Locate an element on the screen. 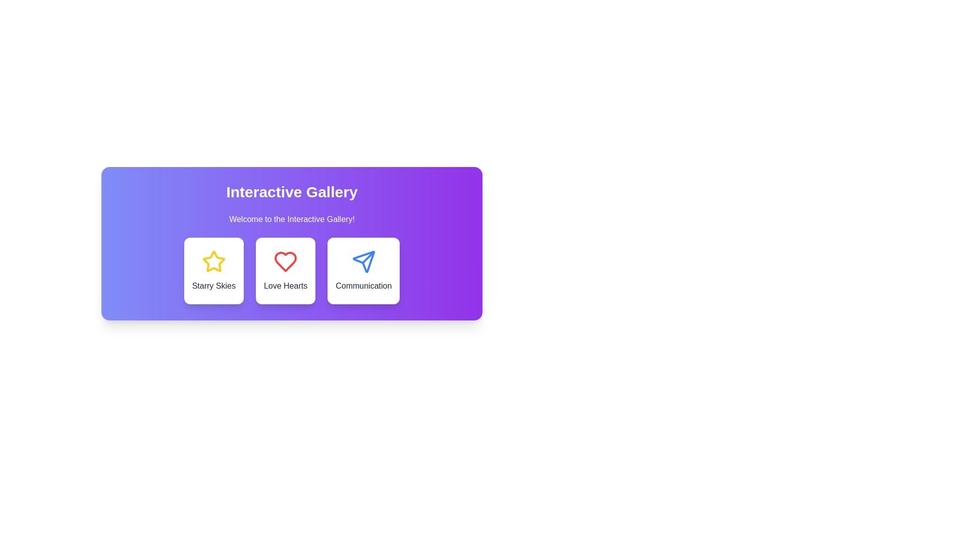  the leftmost card button in the 'Interactive Gallery' section is located at coordinates (213, 270).